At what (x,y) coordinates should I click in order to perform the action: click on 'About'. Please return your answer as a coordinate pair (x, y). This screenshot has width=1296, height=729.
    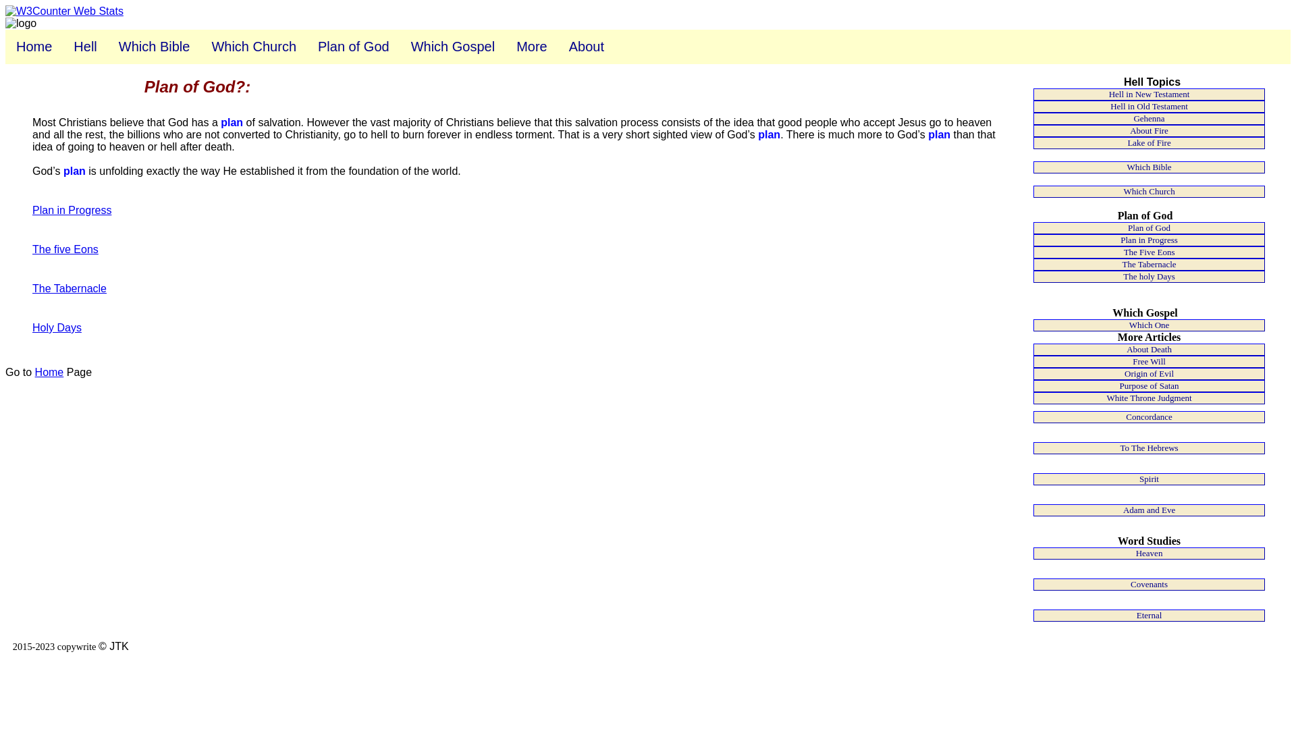
    Looking at the image, I should click on (586, 46).